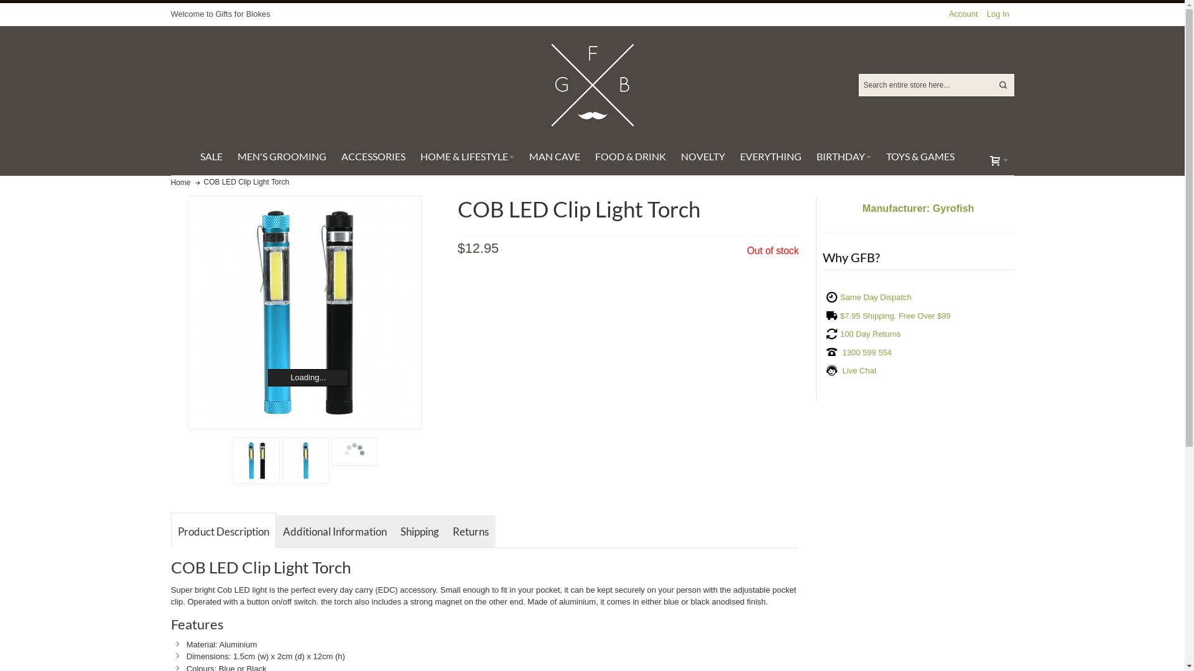 This screenshot has height=671, width=1194. Describe the element at coordinates (981, 14) in the screenshot. I see `'Log In'` at that location.